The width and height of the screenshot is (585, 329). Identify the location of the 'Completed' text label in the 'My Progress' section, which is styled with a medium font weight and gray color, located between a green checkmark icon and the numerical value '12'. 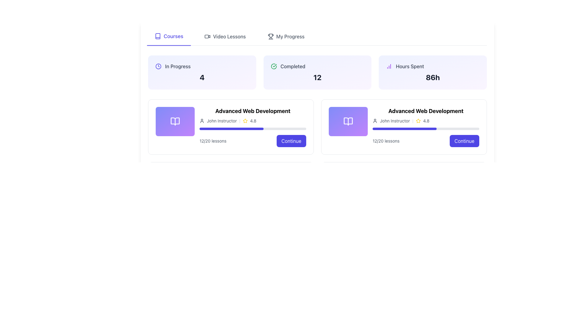
(293, 66).